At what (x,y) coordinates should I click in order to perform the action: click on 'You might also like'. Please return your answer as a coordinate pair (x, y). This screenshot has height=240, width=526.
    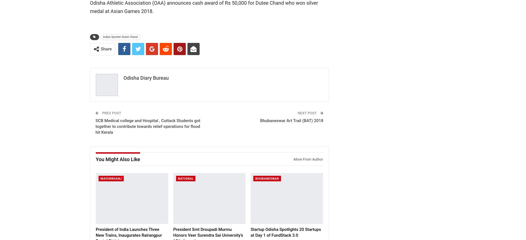
    Looking at the image, I should click on (117, 159).